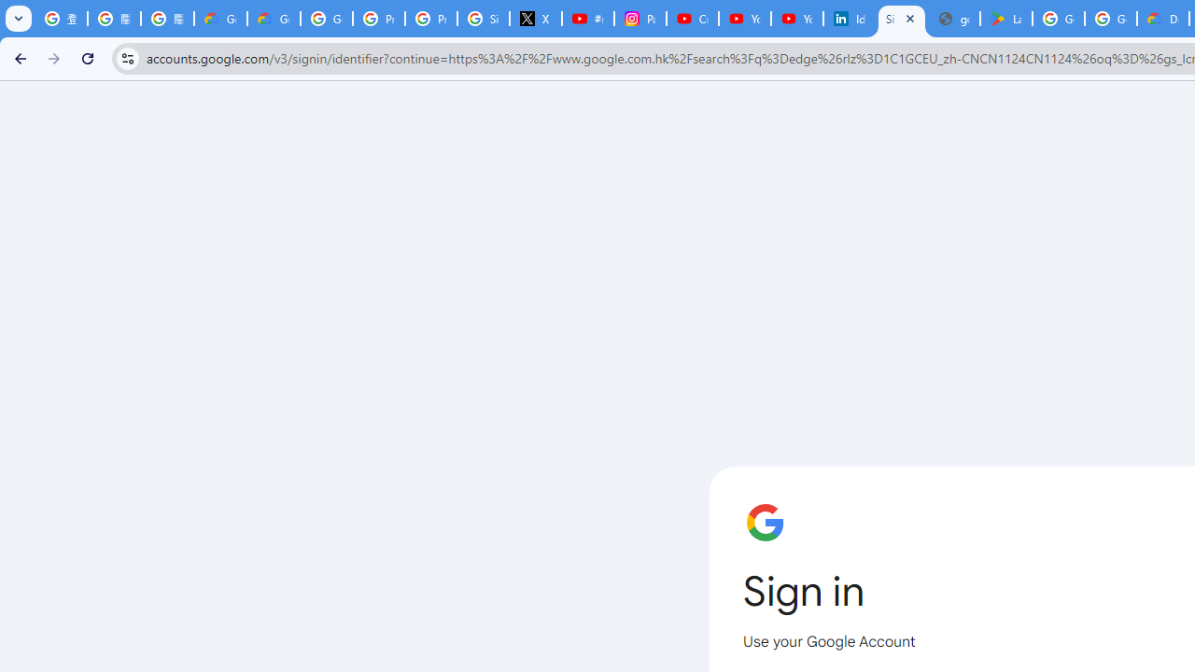 This screenshot has height=672, width=1195. What do you see at coordinates (1005, 19) in the screenshot?
I see `'Last Shelter: Survival - Apps on Google Play'` at bounding box center [1005, 19].